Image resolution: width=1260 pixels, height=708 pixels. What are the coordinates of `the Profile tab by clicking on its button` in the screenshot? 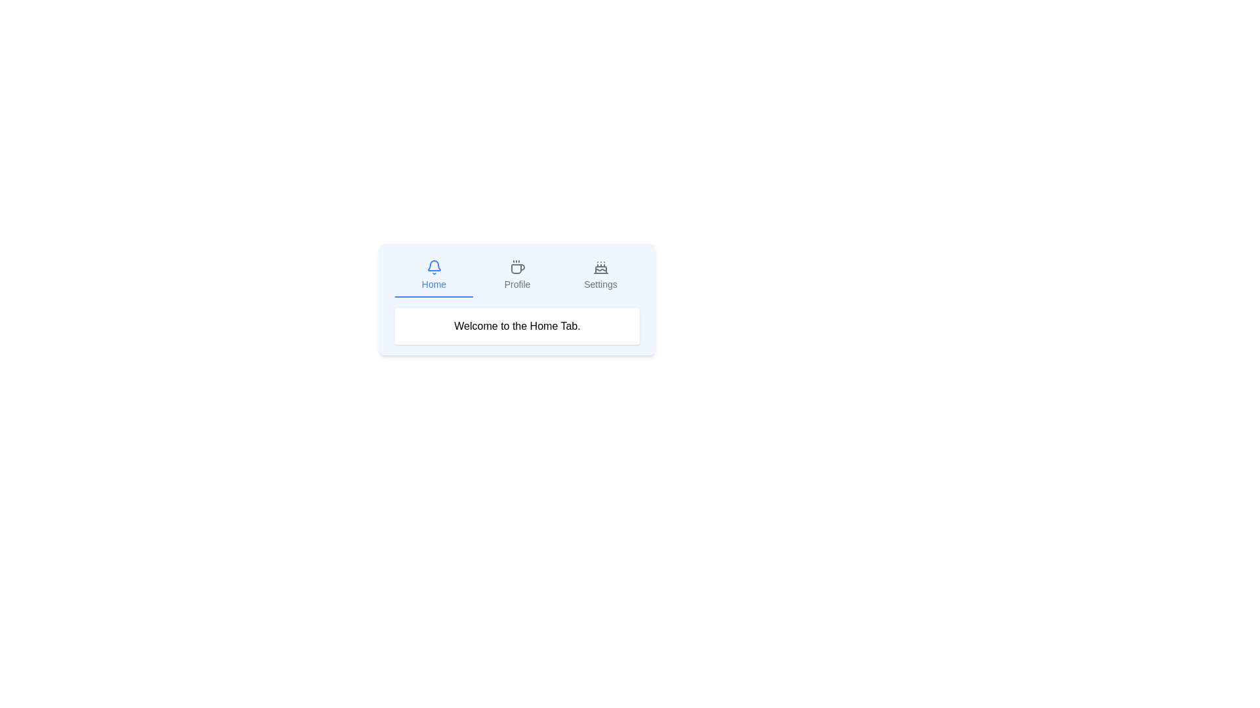 It's located at (516, 275).